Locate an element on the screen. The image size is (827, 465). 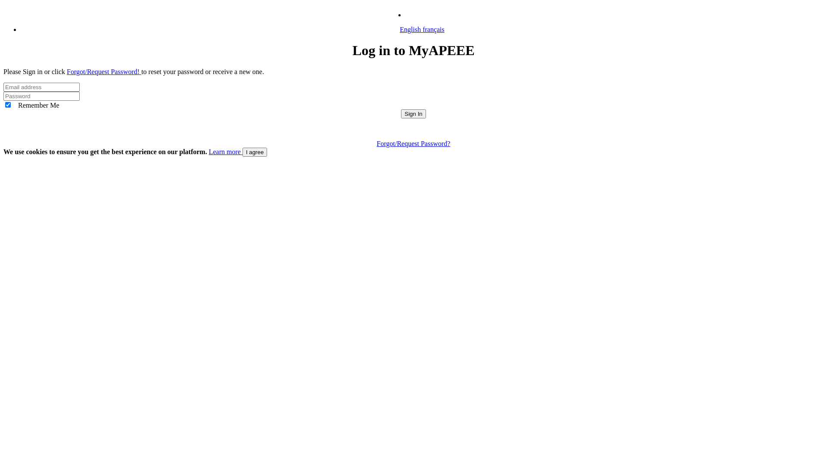
'English' is located at coordinates (418, 15).